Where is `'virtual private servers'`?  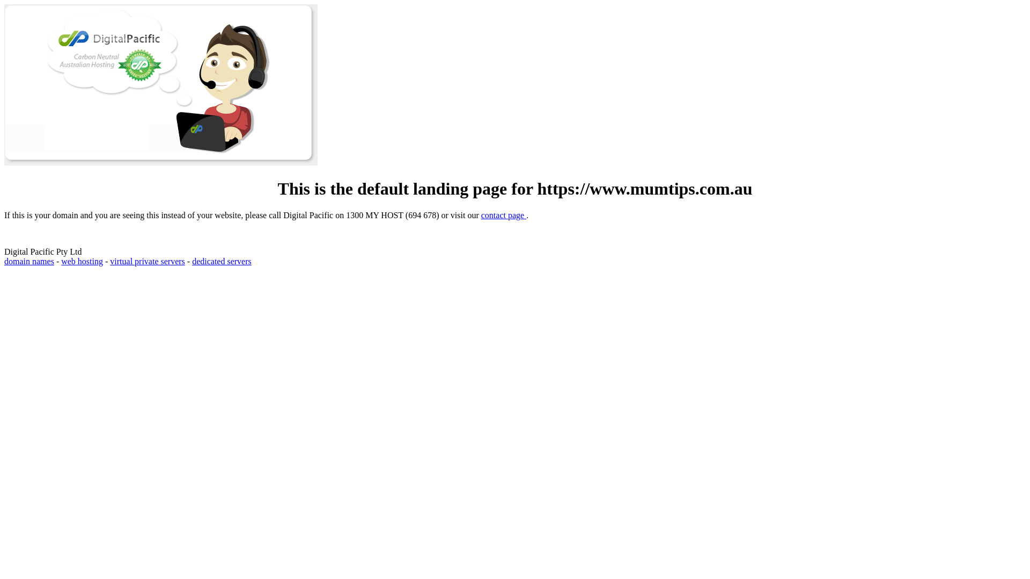
'virtual private servers' is located at coordinates (146, 261).